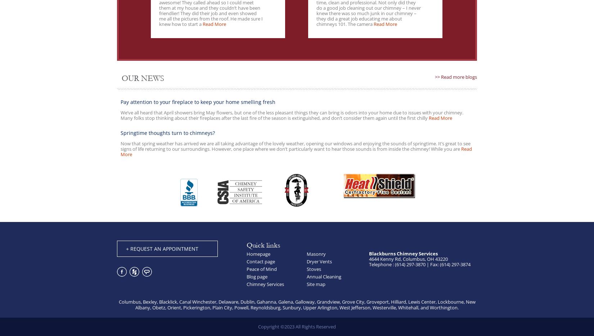 This screenshot has width=594, height=336. What do you see at coordinates (291, 115) in the screenshot?
I see `'We’ve all heard that April showers bring May flowers, but one of the less pleasant things they can bring is odors into your home due to issues with your chimney. Many folks stop thinking about their fireplaces after the last fire of the season is extinguished, and don’t consider them again until the first chilly'` at bounding box center [291, 115].